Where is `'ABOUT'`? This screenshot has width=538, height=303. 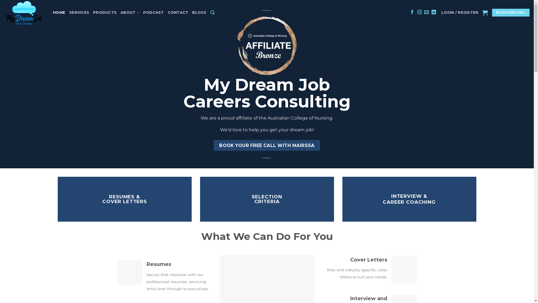
'ABOUT' is located at coordinates (129, 12).